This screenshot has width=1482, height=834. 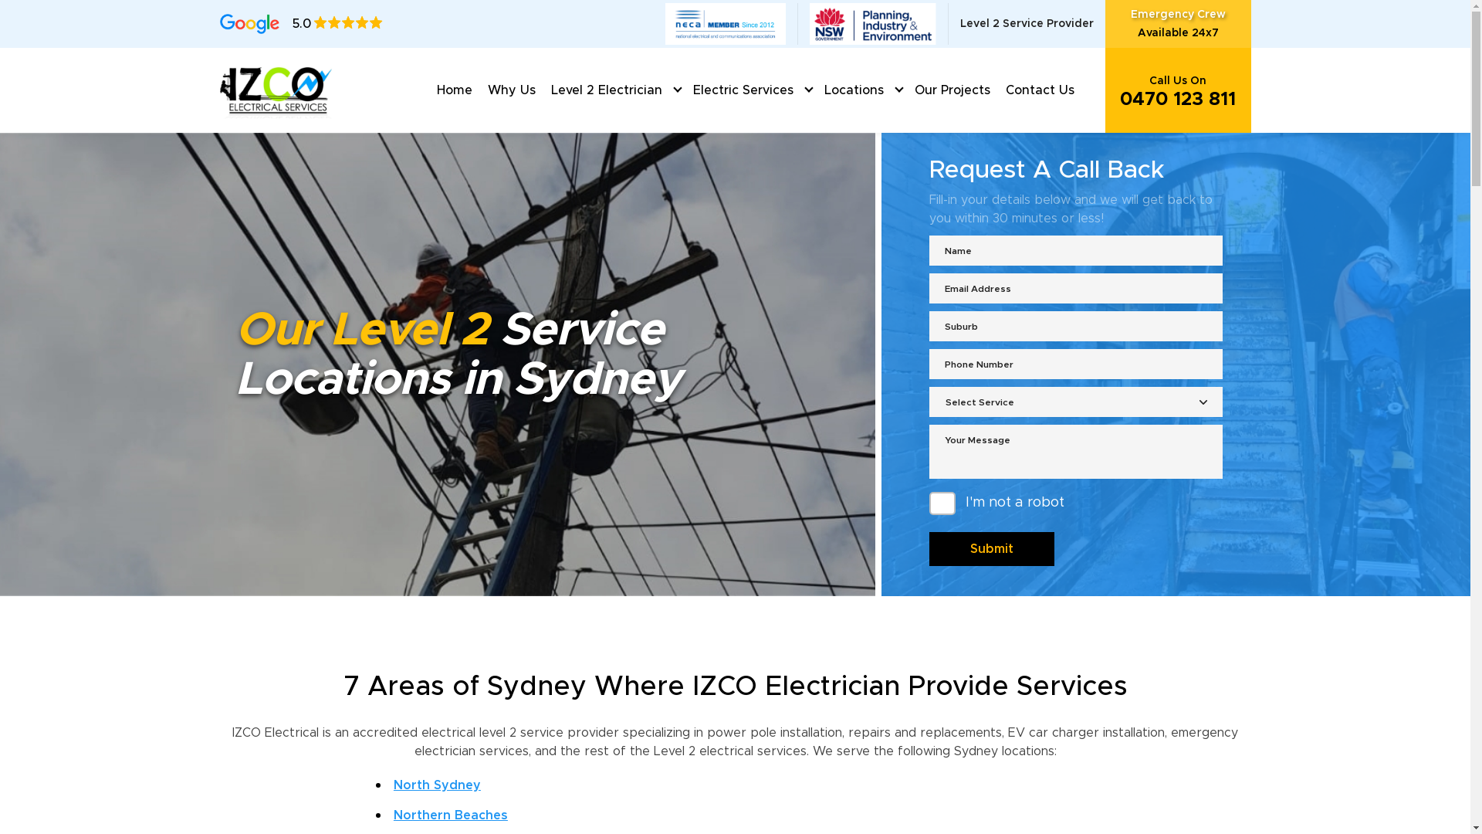 What do you see at coordinates (277, 89) in the screenshot?
I see `'Izco Electrical Services'` at bounding box center [277, 89].